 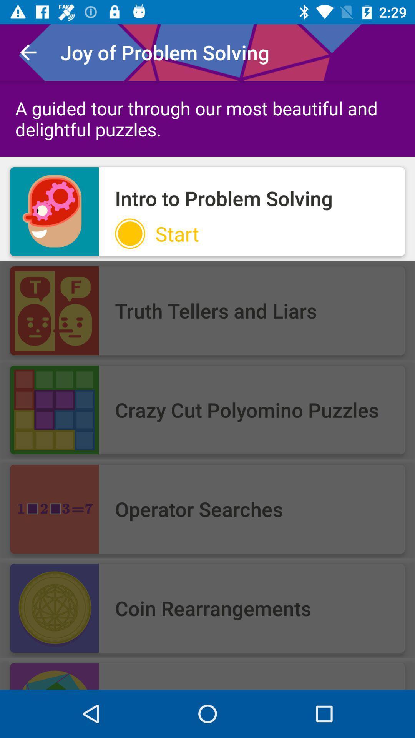 What do you see at coordinates (28, 52) in the screenshot?
I see `item to the left of joy of problem icon` at bounding box center [28, 52].